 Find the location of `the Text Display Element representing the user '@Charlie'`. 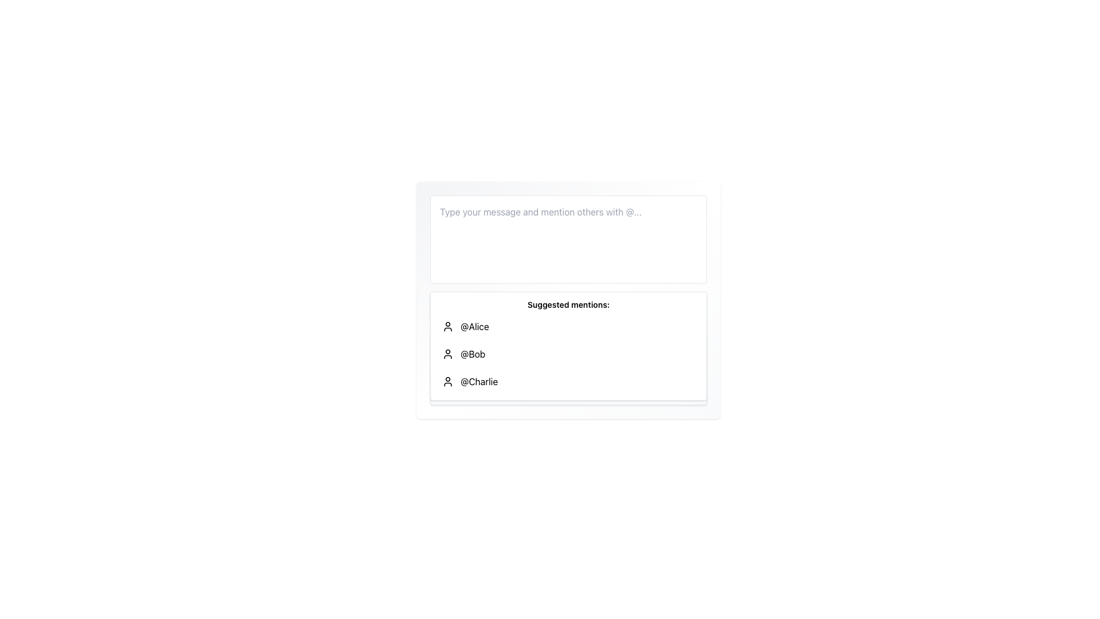

the Text Display Element representing the user '@Charlie' is located at coordinates (479, 382).